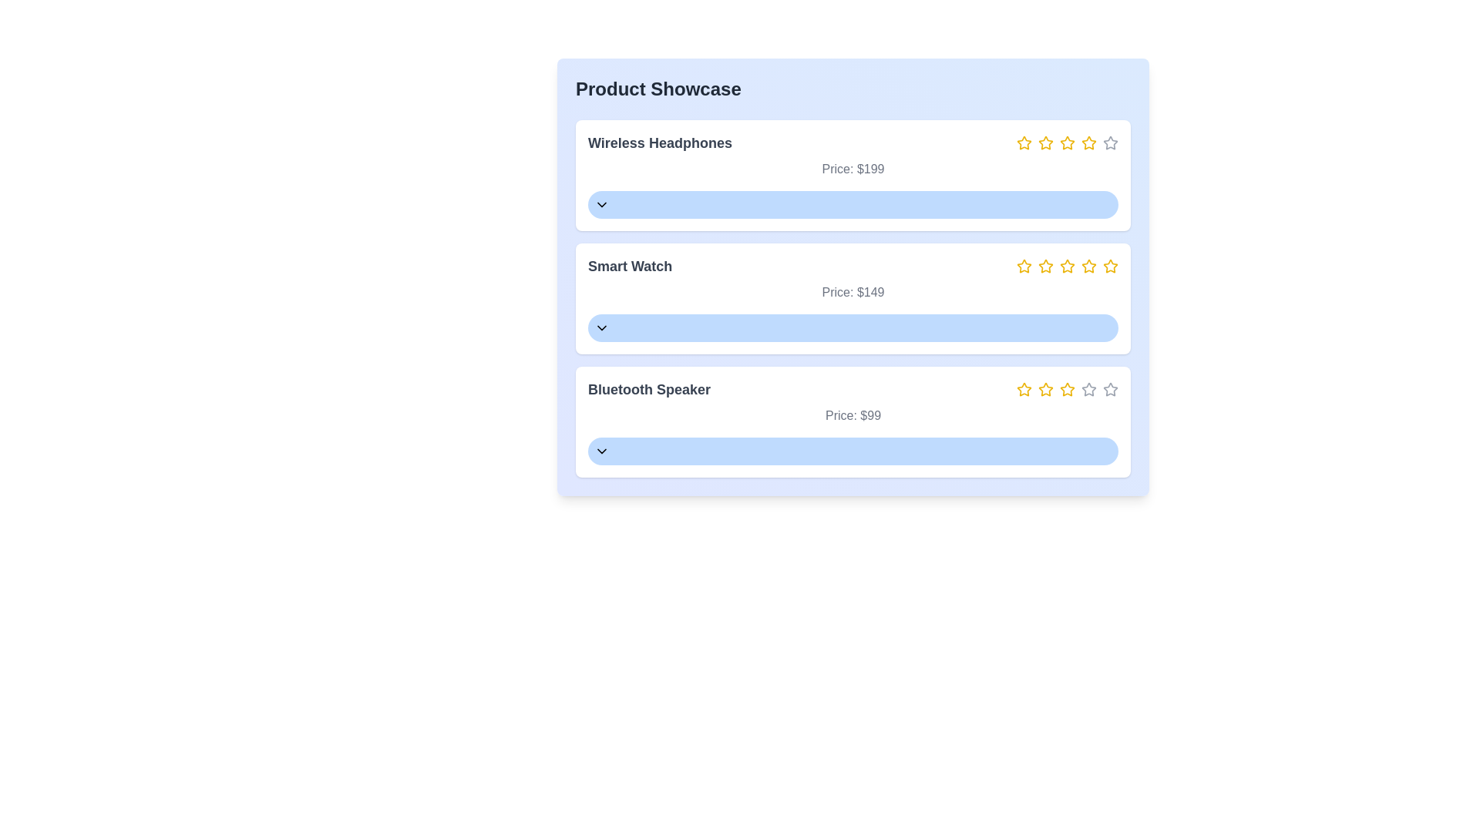 This screenshot has height=832, width=1480. Describe the element at coordinates (1067, 266) in the screenshot. I see `the fourth star in the rating widget for the 'Smart Watch' section` at that location.